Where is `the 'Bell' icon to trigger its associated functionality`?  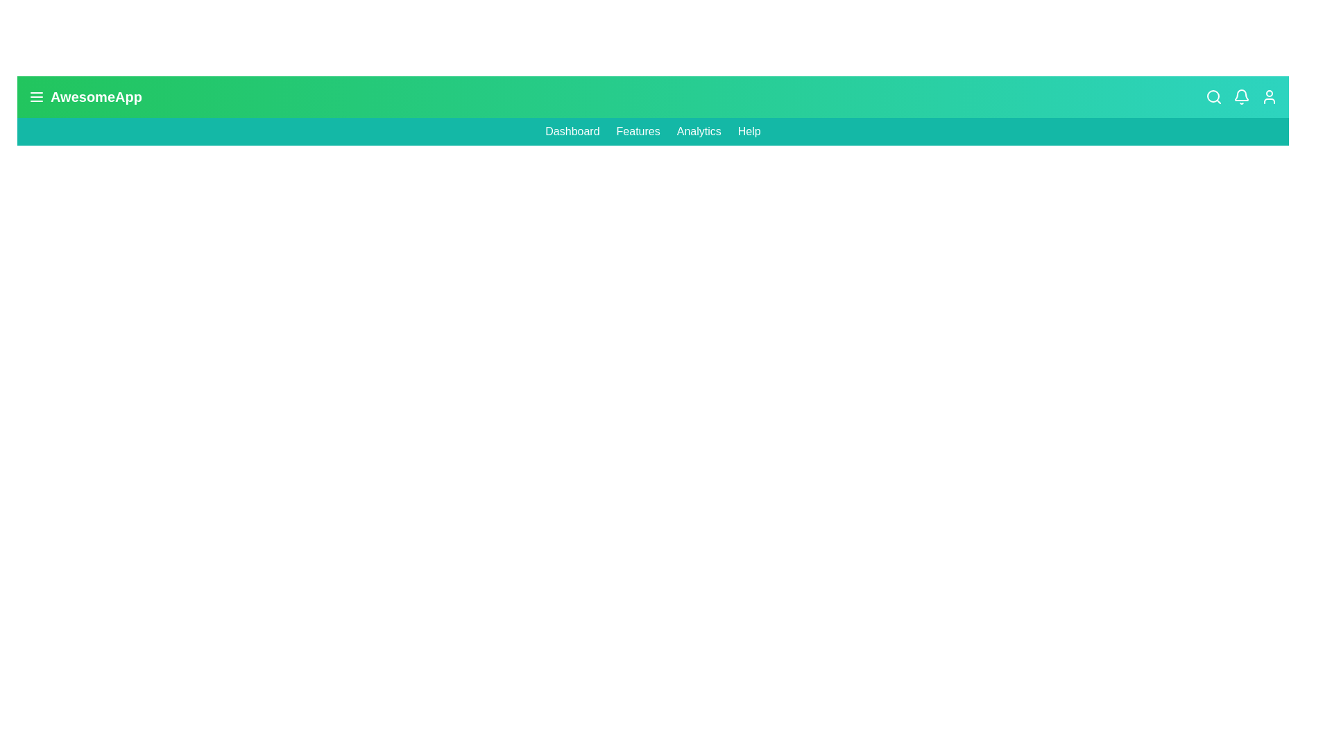 the 'Bell' icon to trigger its associated functionality is located at coordinates (1242, 96).